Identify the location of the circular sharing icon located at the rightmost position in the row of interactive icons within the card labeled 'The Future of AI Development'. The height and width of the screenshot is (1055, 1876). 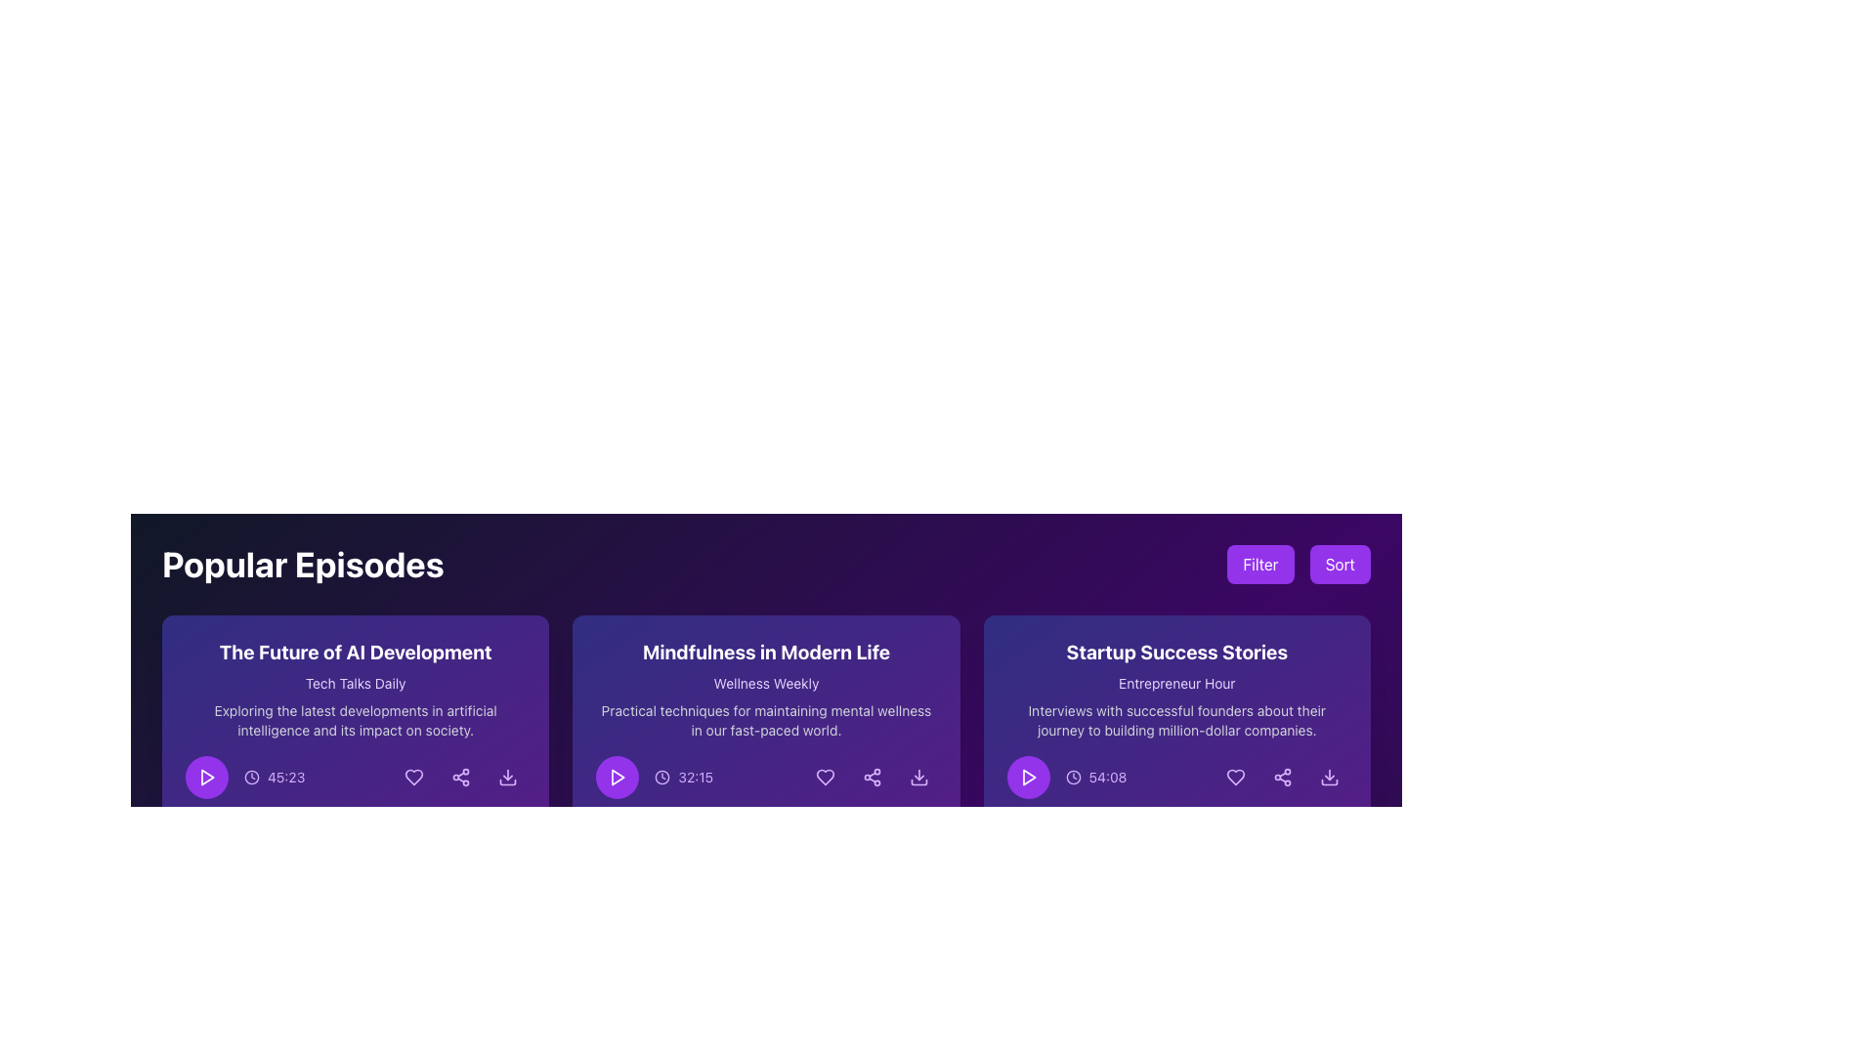
(460, 776).